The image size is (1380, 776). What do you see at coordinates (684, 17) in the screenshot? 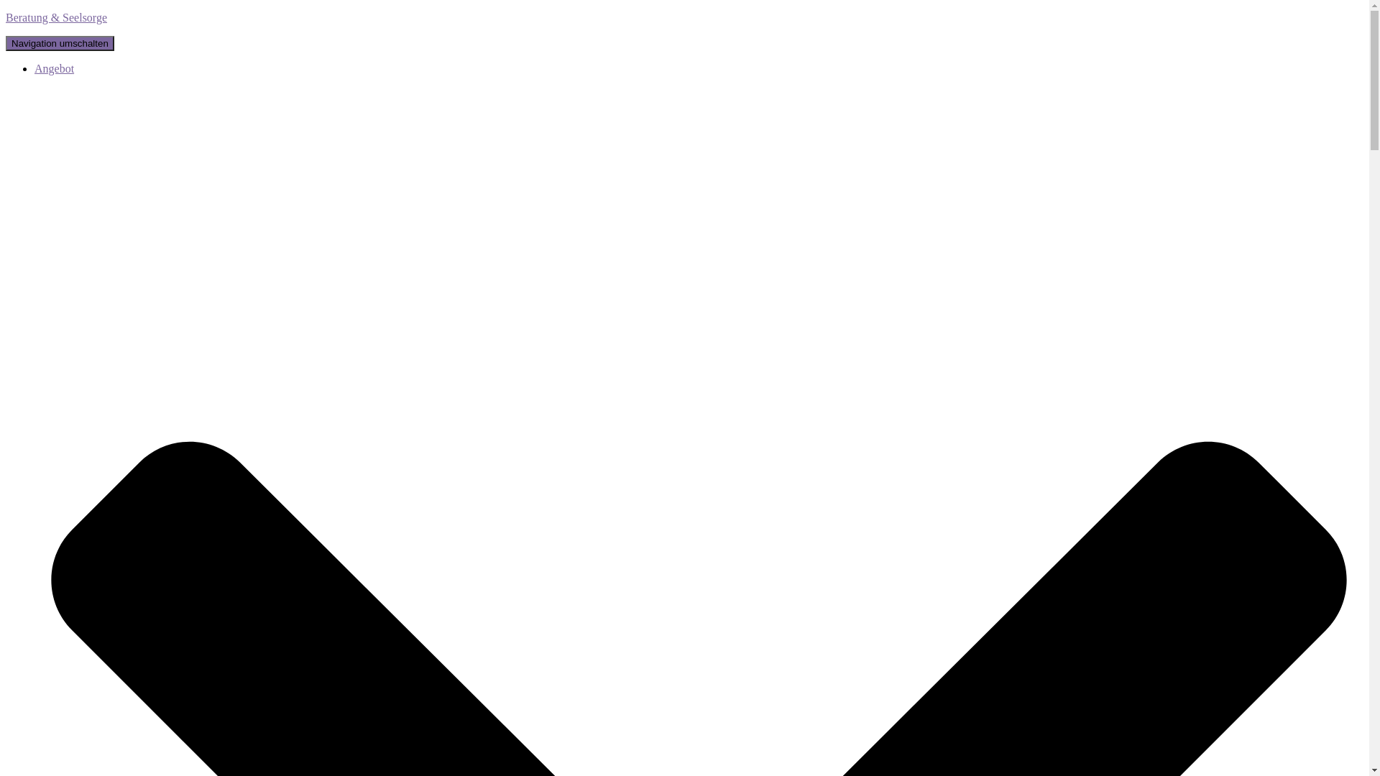
I see `'Beratung & Seelsorge'` at bounding box center [684, 17].